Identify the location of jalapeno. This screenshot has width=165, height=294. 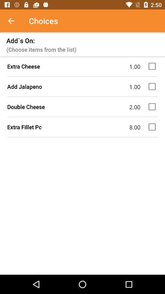
(153, 86).